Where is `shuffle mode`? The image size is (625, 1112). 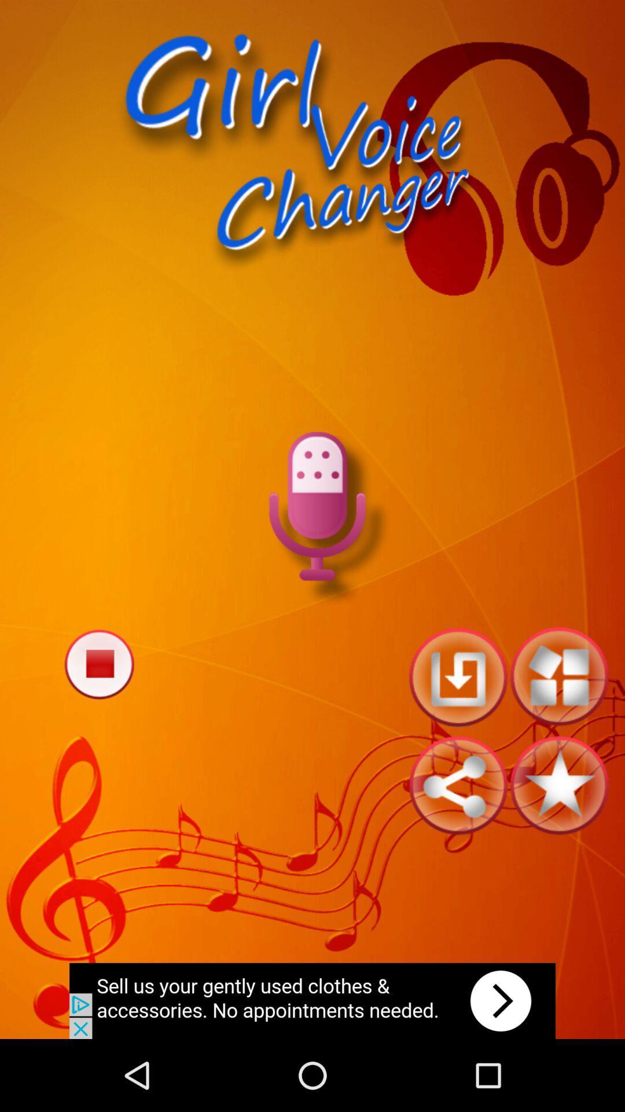
shuffle mode is located at coordinates (558, 676).